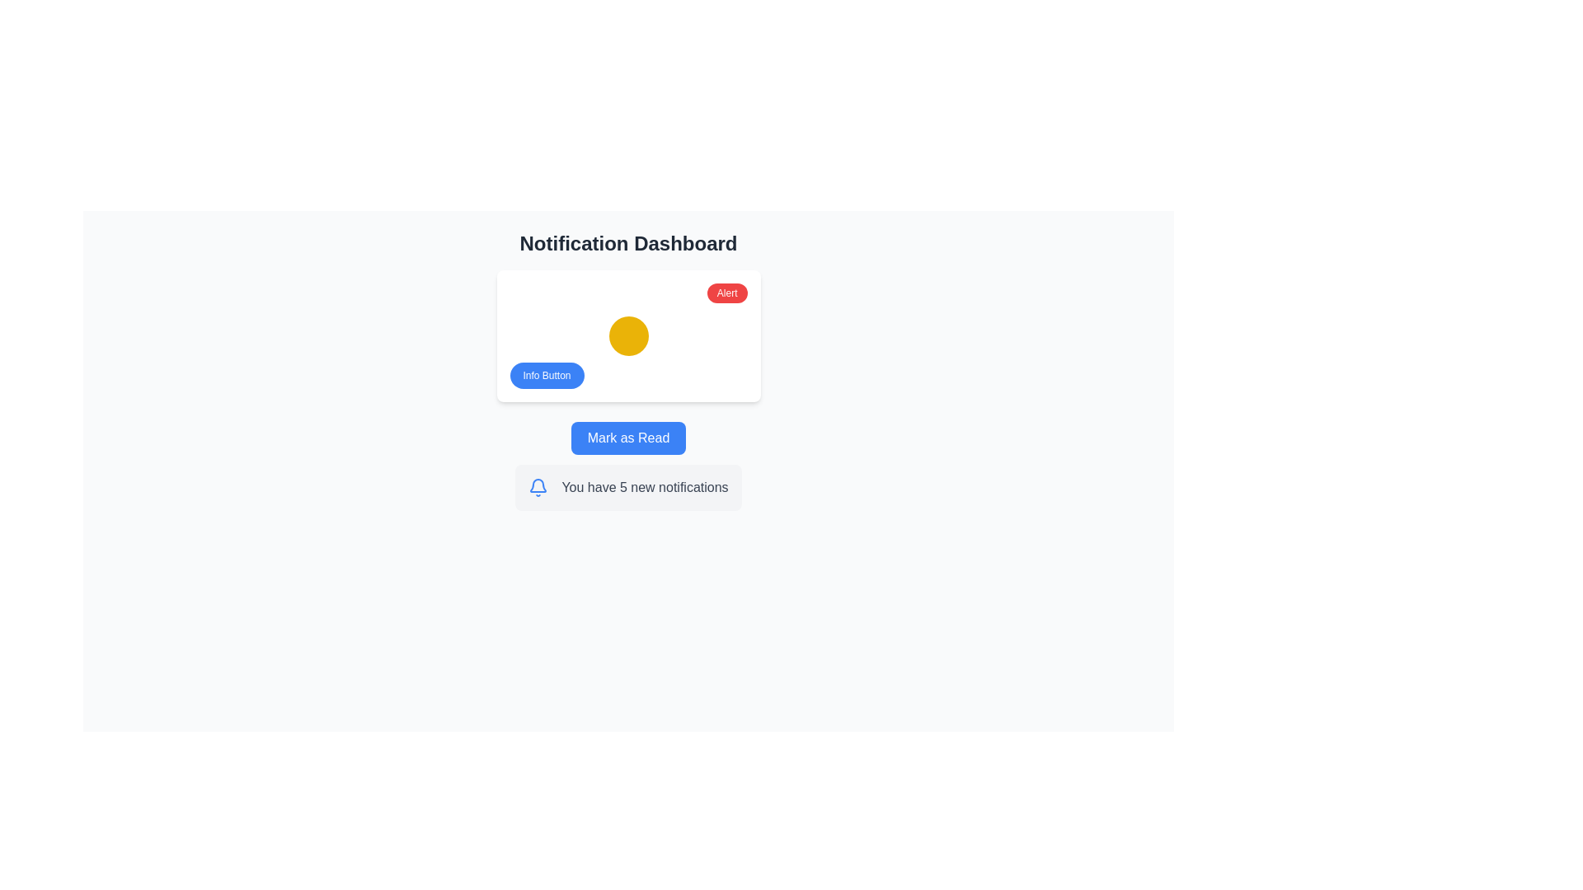 The width and height of the screenshot is (1583, 890). What do you see at coordinates (627, 466) in the screenshot?
I see `the 'Mark as Read' button in the notification component to read the message 'You have 5 new notifications.'` at bounding box center [627, 466].